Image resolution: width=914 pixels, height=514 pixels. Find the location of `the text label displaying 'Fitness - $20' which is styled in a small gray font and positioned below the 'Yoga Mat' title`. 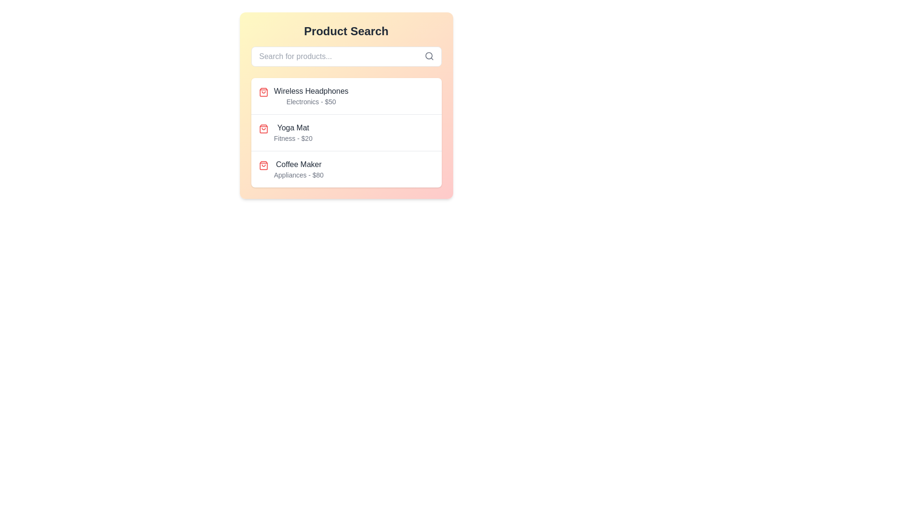

the text label displaying 'Fitness - $20' which is styled in a small gray font and positioned below the 'Yoga Mat' title is located at coordinates (292, 138).